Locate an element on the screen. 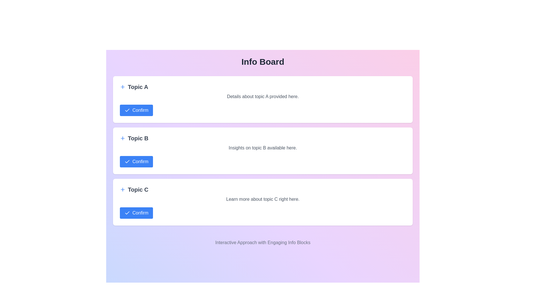 The image size is (548, 308). the Text label providing additional information about 'Topic B', which is positioned below the heading 'Topic B' and above the 'Confirm' button is located at coordinates (263, 148).